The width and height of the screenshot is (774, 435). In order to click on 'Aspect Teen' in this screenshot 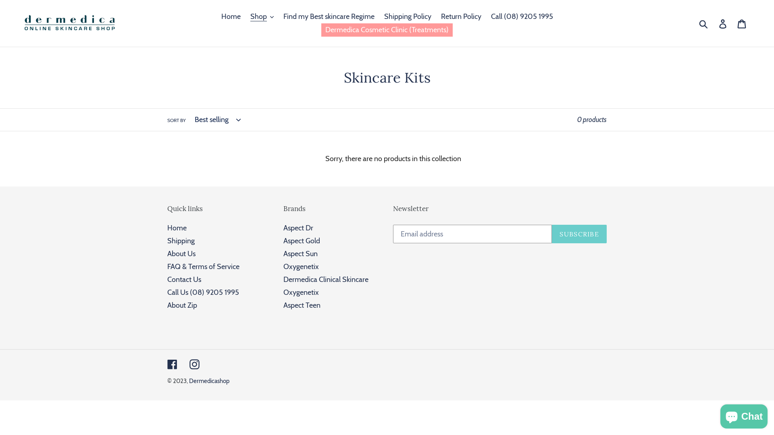, I will do `click(301, 305)`.